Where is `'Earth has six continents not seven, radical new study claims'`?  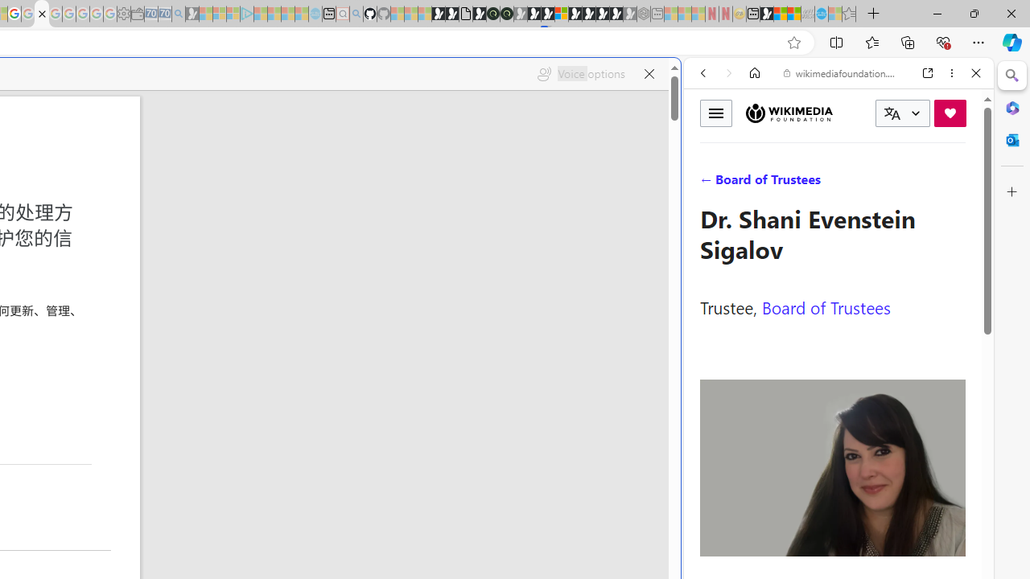 'Earth has six continents not seven, radical new study claims' is located at coordinates (793, 14).